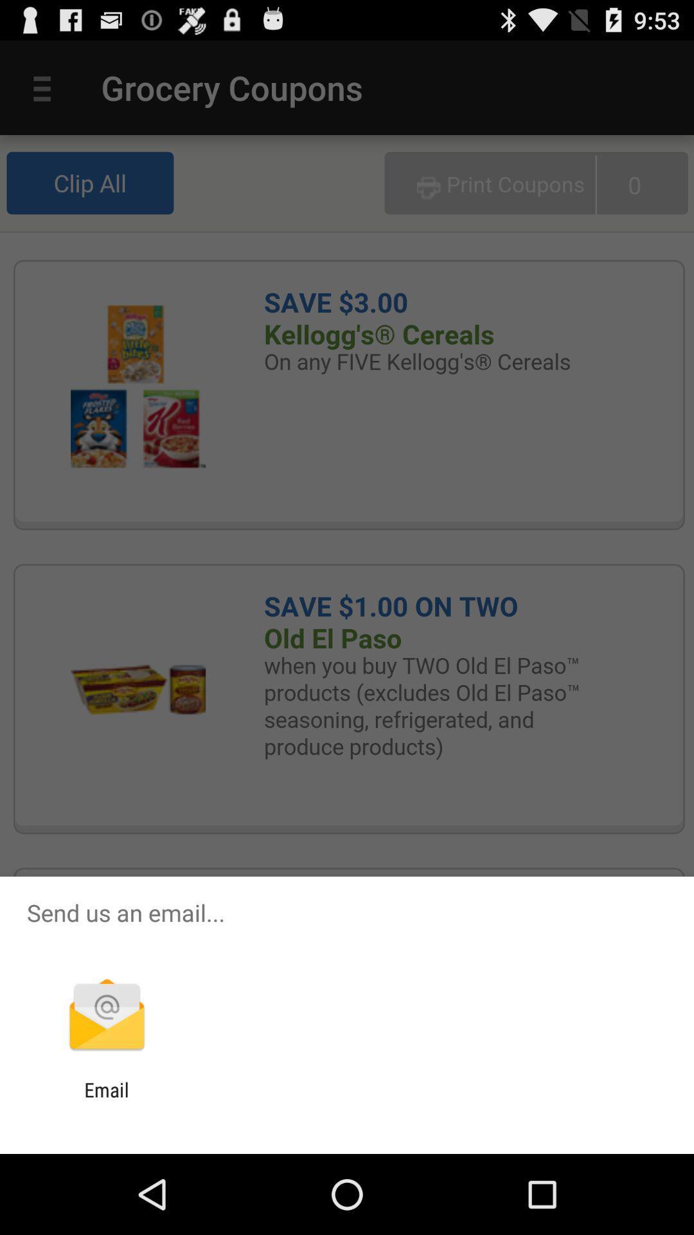 The width and height of the screenshot is (694, 1235). What do you see at coordinates (106, 1016) in the screenshot?
I see `app below send us an` at bounding box center [106, 1016].